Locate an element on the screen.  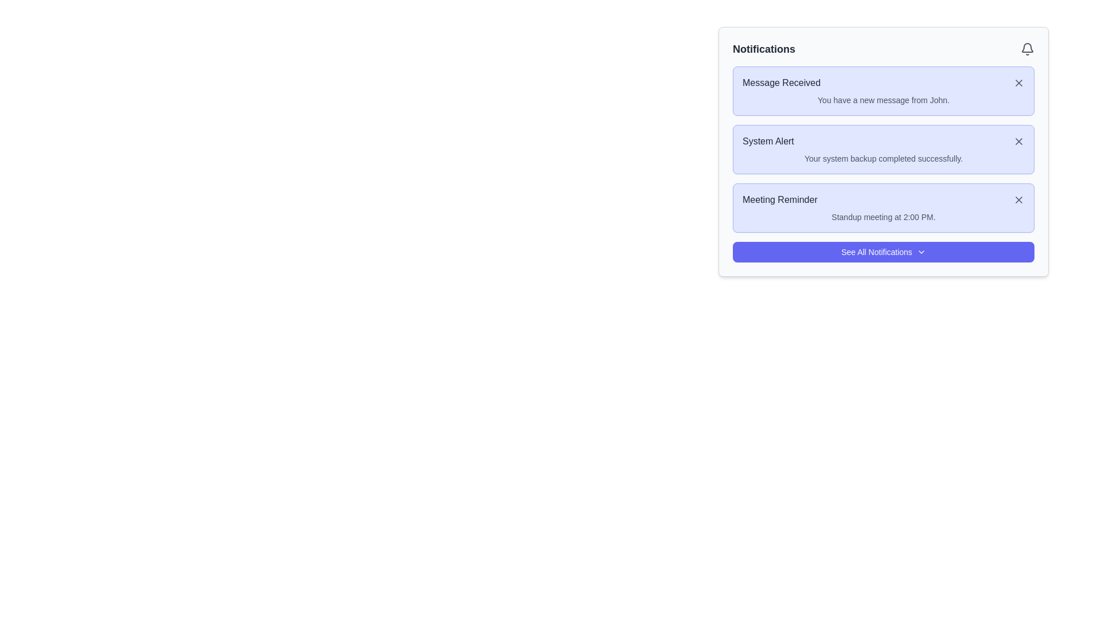
the text label displaying 'Notifications' in bold, large font, located at the top of the notification interface is located at coordinates (764, 48).